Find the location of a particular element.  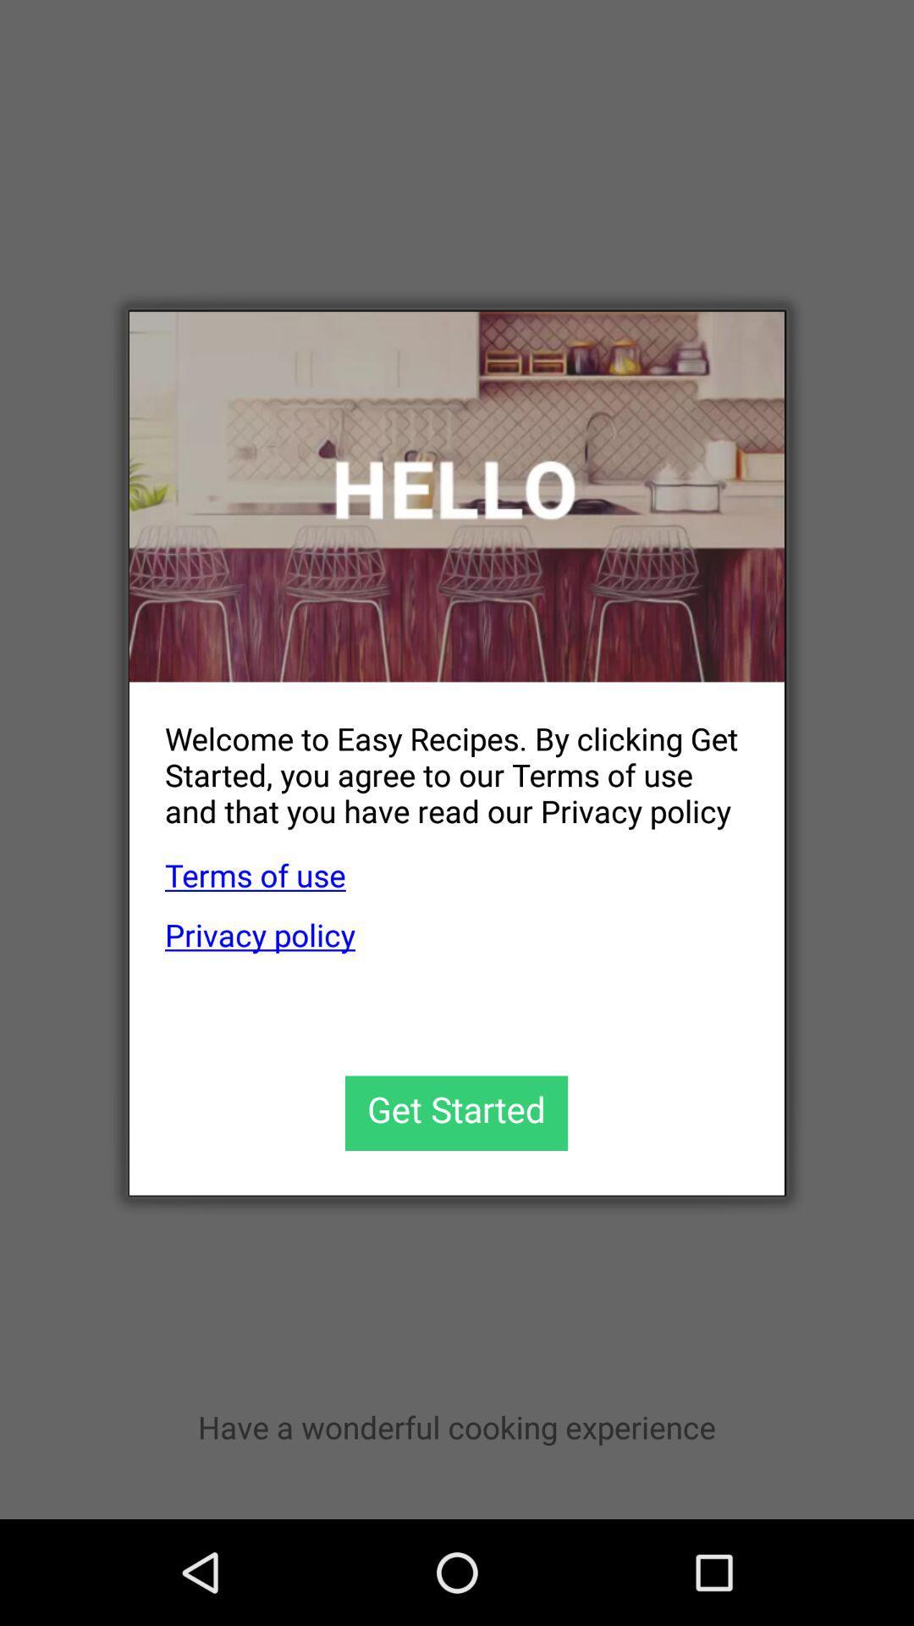

continue is located at coordinates (455, 1113).